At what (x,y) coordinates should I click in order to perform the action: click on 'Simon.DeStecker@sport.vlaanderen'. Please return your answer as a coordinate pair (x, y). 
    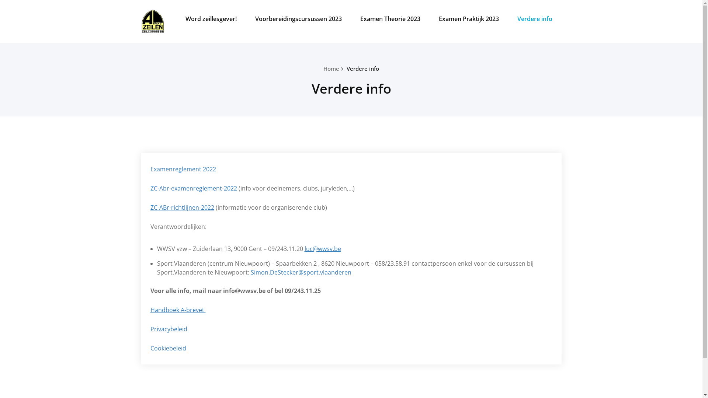
    Looking at the image, I should click on (301, 272).